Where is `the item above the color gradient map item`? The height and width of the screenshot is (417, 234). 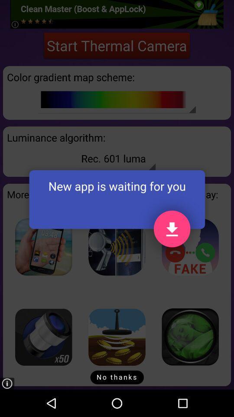
the item above the color gradient map item is located at coordinates (117, 46).